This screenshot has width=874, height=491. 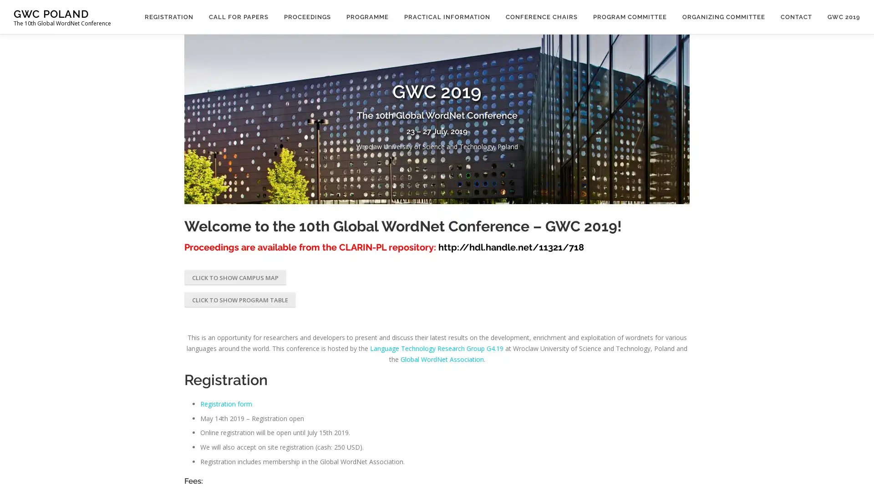 I want to click on CLICK TO SHOW PROGRAM TABLE, so click(x=240, y=300).